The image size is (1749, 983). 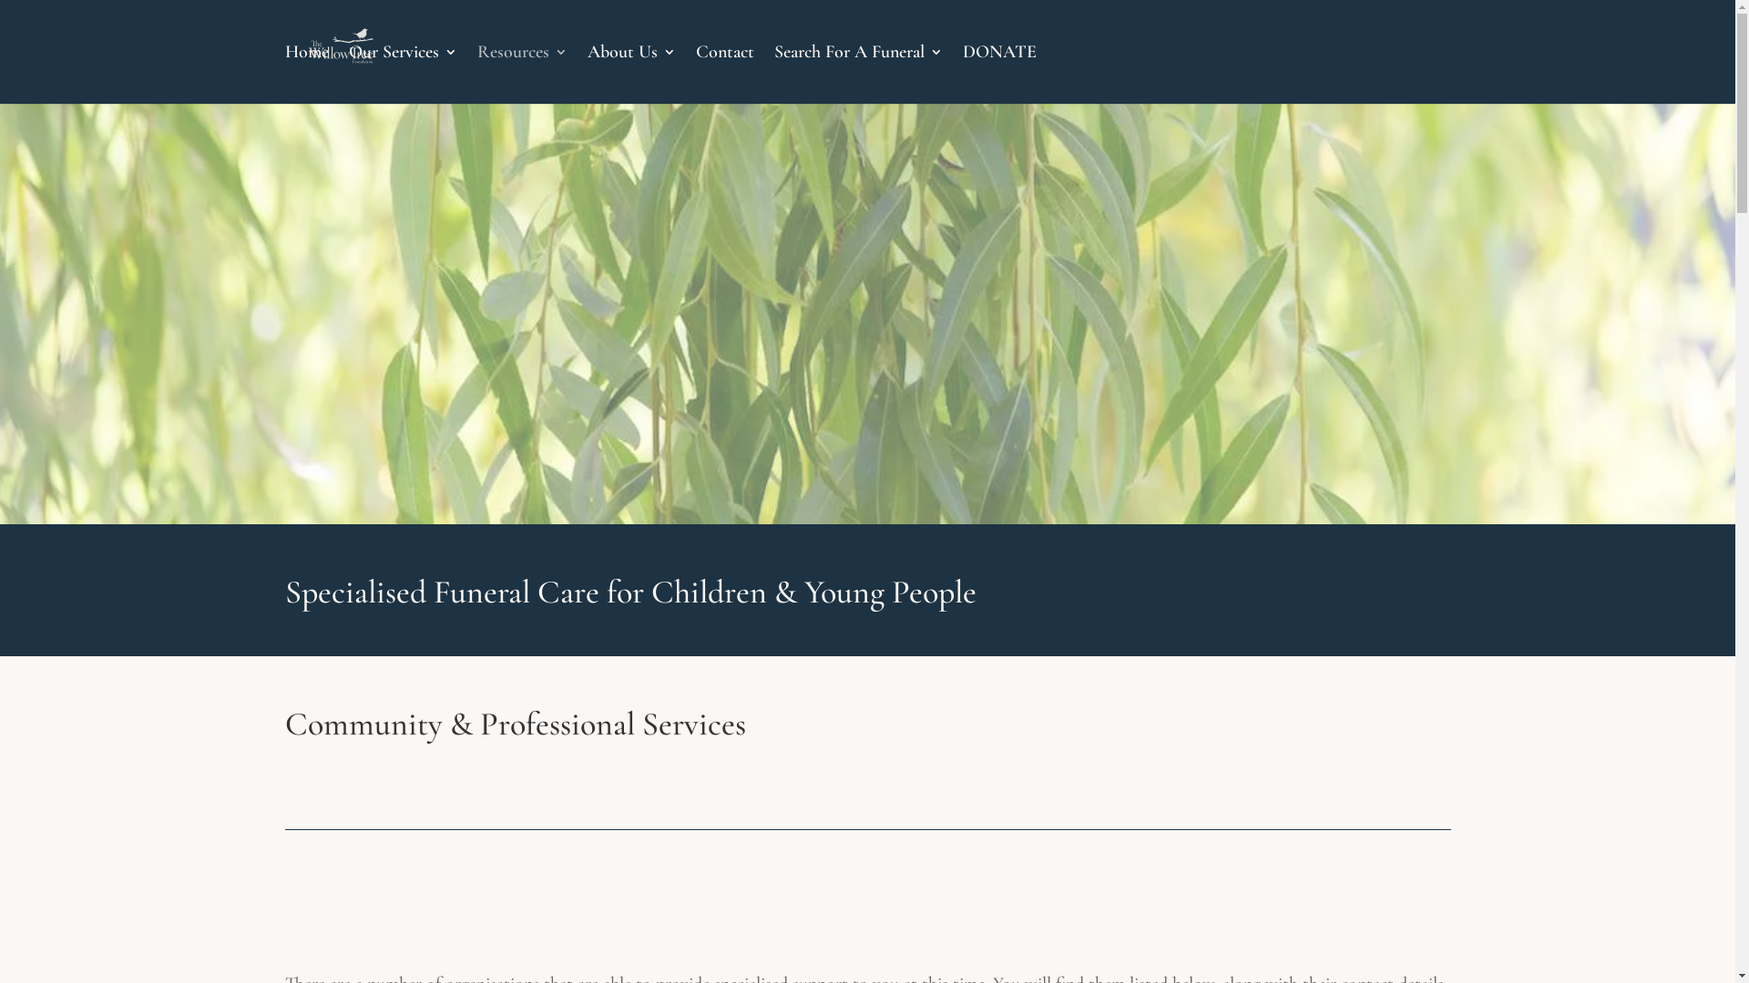 I want to click on 'Home', so click(x=306, y=73).